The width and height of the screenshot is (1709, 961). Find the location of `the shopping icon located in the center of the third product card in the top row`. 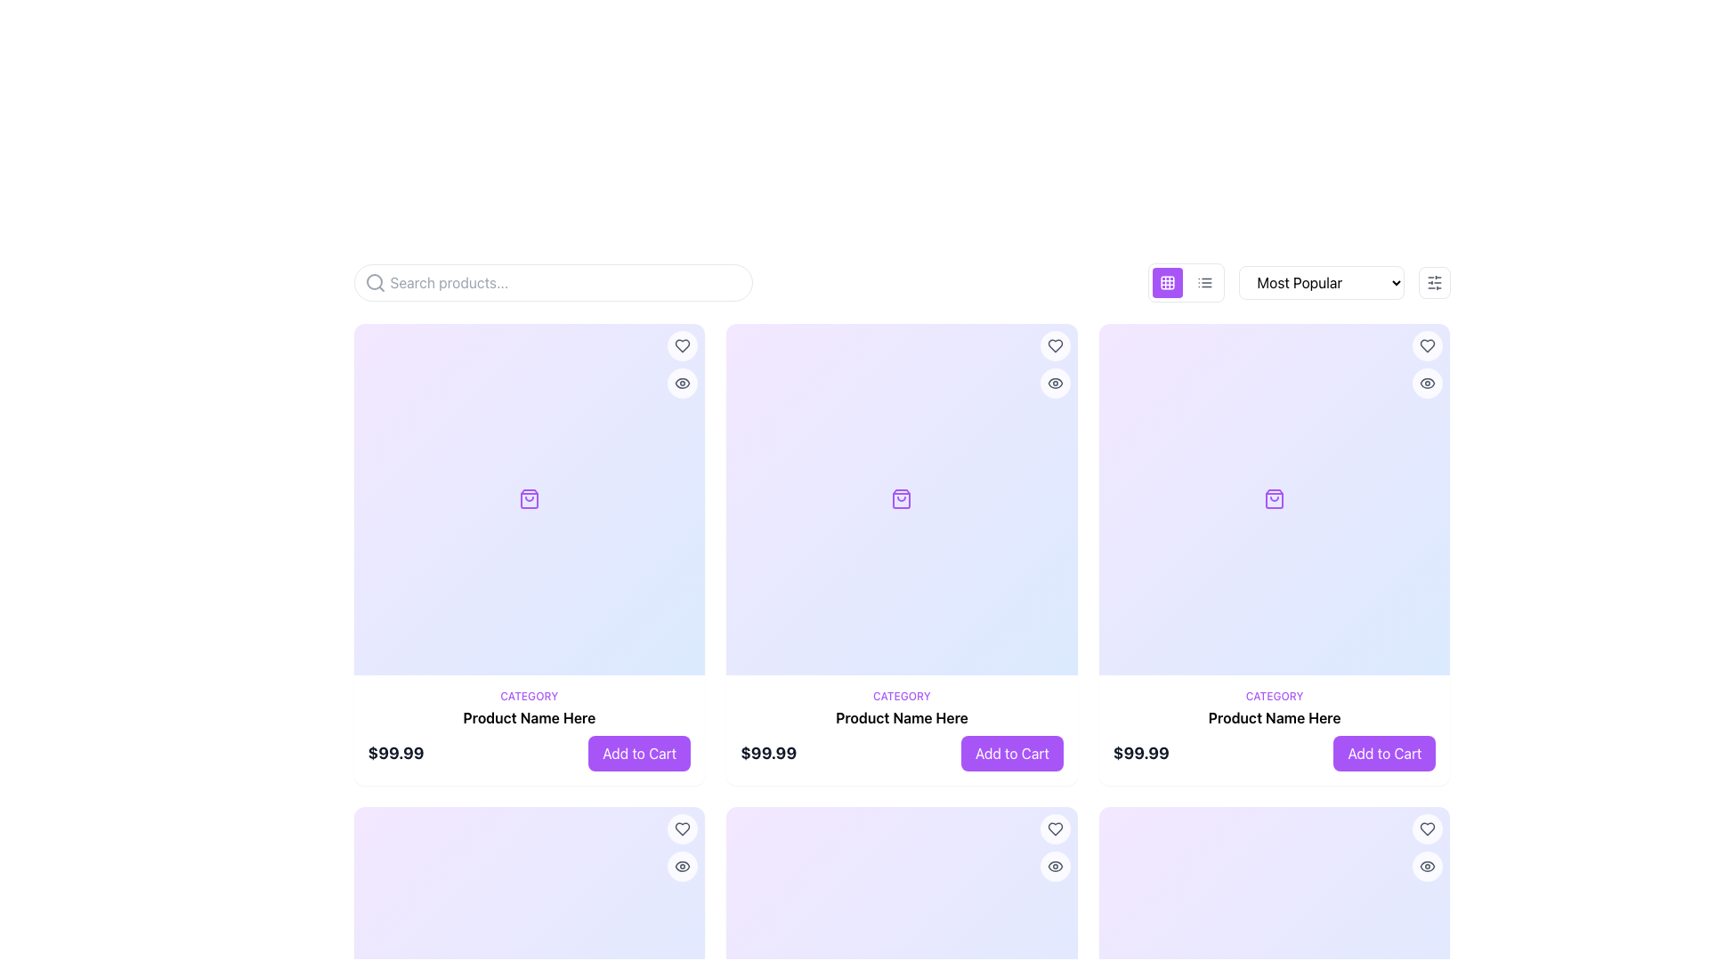

the shopping icon located in the center of the third product card in the top row is located at coordinates (1274, 499).